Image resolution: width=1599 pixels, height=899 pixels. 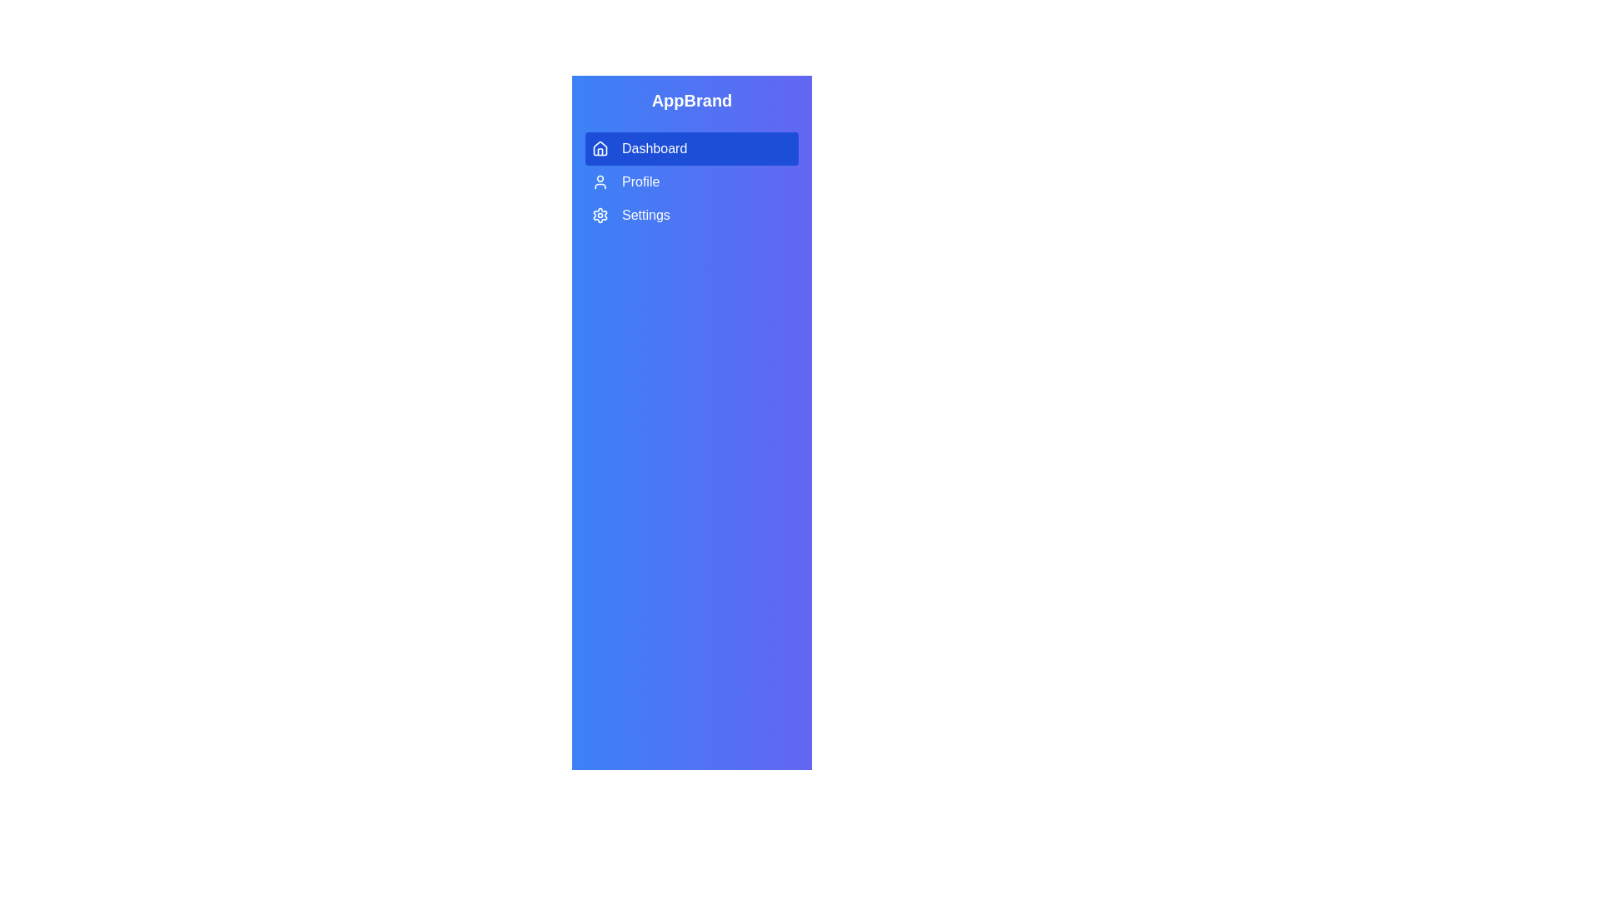 What do you see at coordinates (691, 160) in the screenshot?
I see `the 'Dashboard' navigation link element with a blue background and a white house icon` at bounding box center [691, 160].